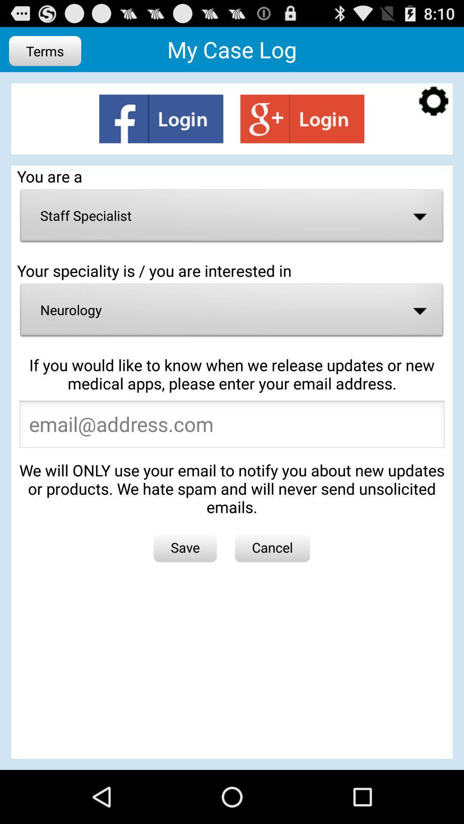 This screenshot has width=464, height=824. Describe the element at coordinates (232, 427) in the screenshot. I see `email address field` at that location.